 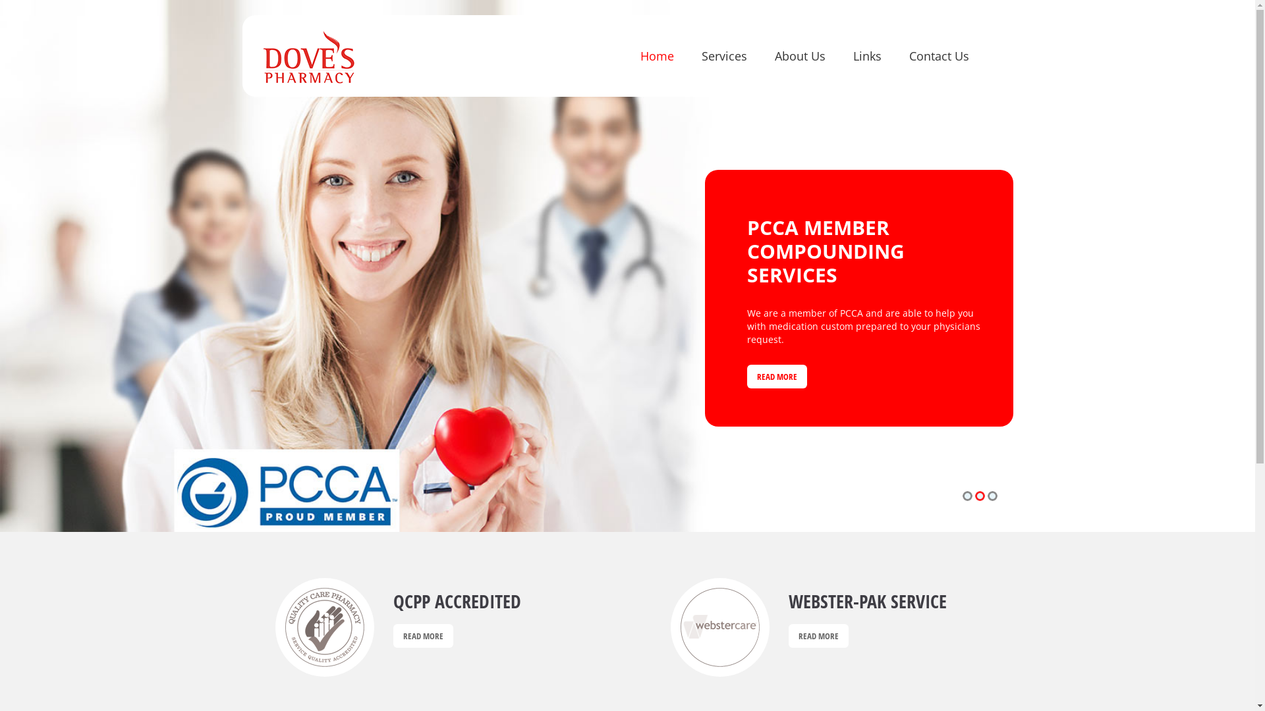 I want to click on 'READ MORE', so click(x=746, y=365).